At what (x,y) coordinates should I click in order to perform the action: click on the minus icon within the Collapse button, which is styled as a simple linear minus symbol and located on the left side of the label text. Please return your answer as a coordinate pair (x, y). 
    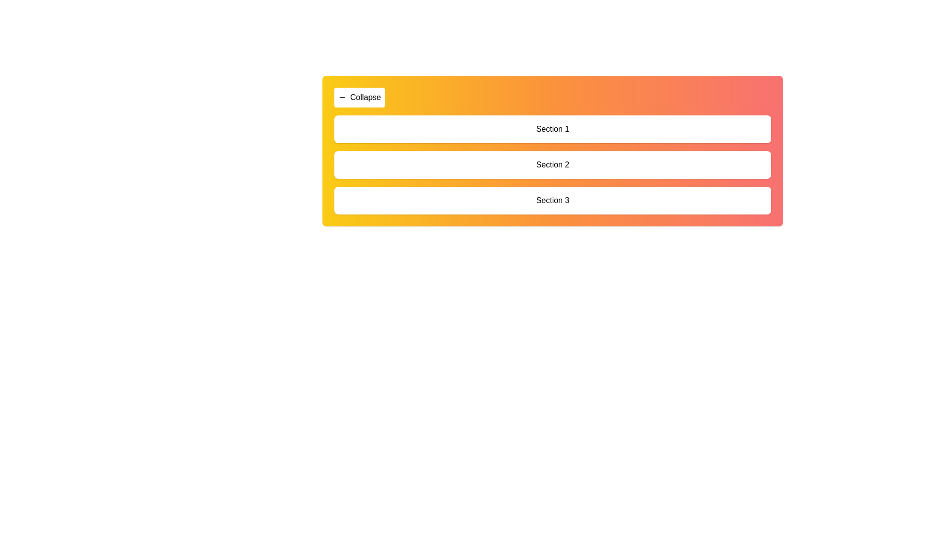
    Looking at the image, I should click on (342, 97).